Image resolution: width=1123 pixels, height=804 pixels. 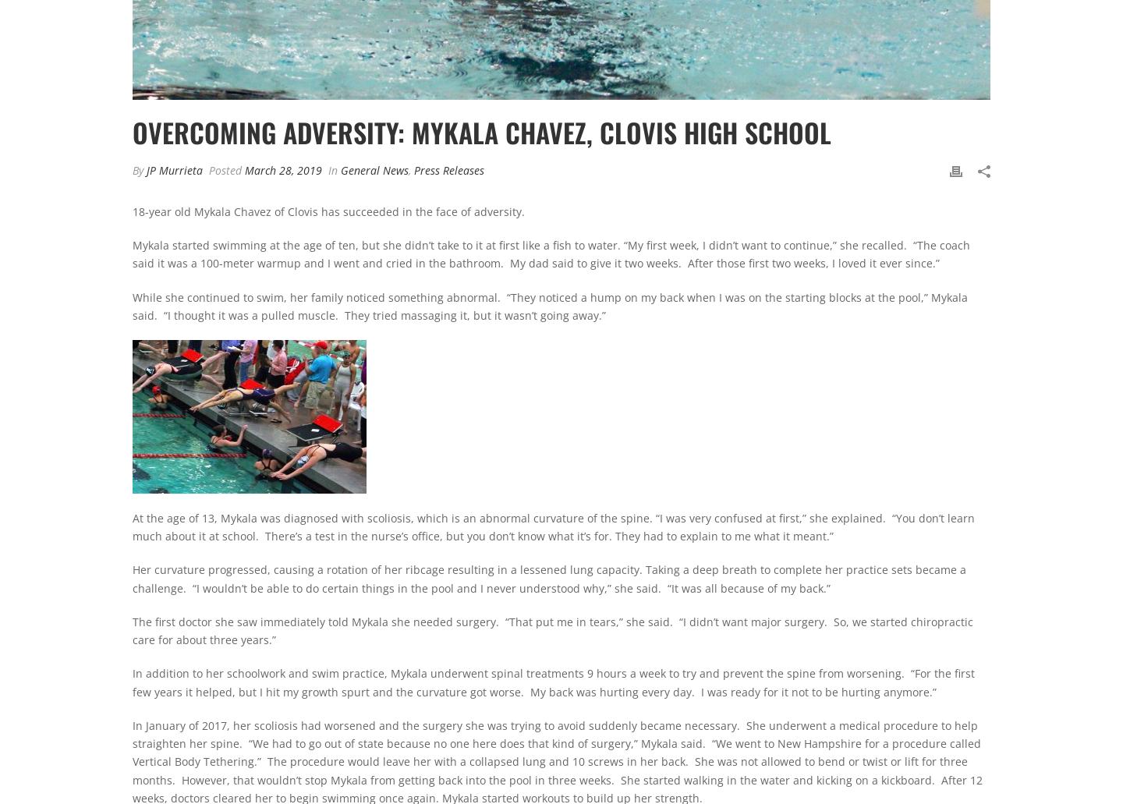 I want to click on 'The first doctor she saw immediately told Mykala she needed surgery.  “That put me in tears,” she said.  “I didn’t want major surgery.  So, we started chiropractic care for about three years.”', so click(x=553, y=629).